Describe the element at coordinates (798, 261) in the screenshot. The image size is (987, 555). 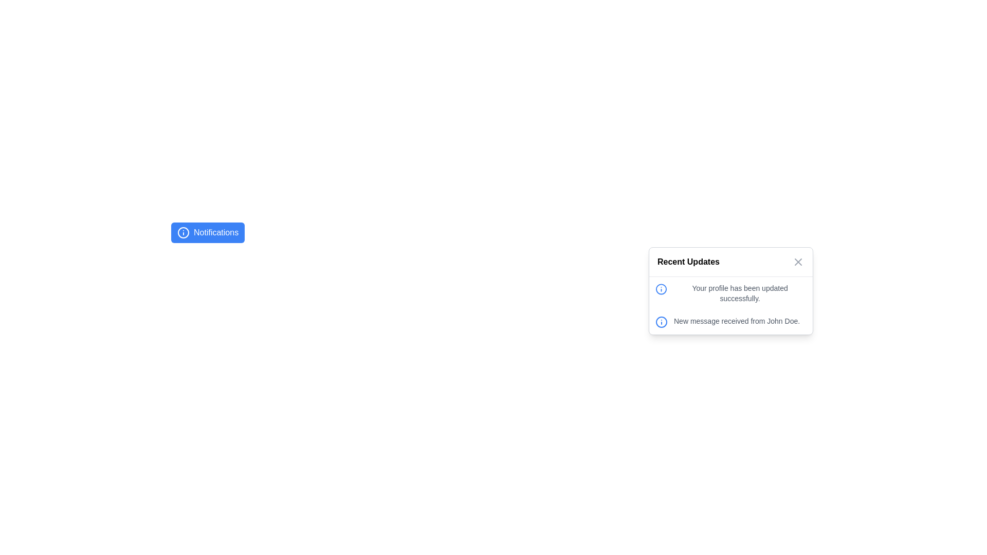
I see `the small 'x'-shaped icon located in the top-right corner of the 'Recent Updates' notification box` at that location.